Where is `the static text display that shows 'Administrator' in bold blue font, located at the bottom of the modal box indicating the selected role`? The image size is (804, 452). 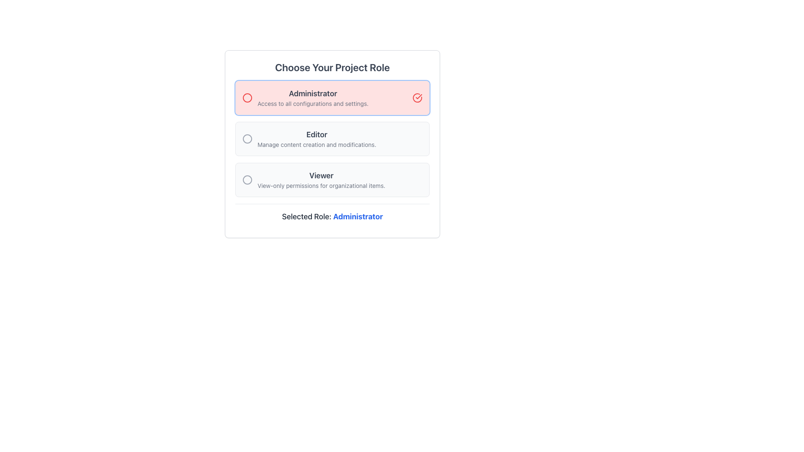
the static text display that shows 'Administrator' in bold blue font, located at the bottom of the modal box indicating the selected role is located at coordinates (358, 216).